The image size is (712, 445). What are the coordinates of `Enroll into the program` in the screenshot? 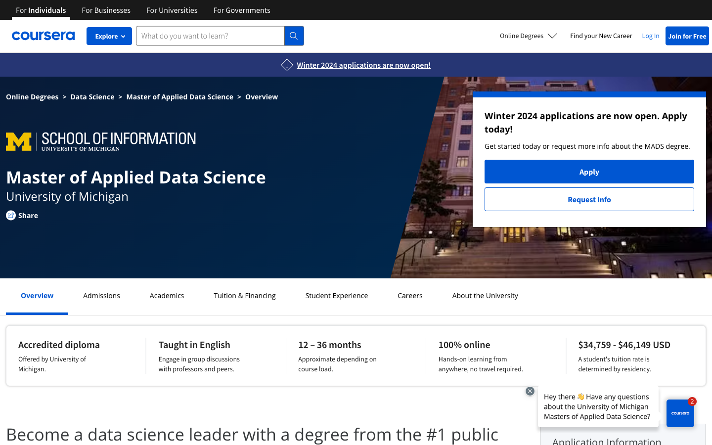 It's located at (101, 295).